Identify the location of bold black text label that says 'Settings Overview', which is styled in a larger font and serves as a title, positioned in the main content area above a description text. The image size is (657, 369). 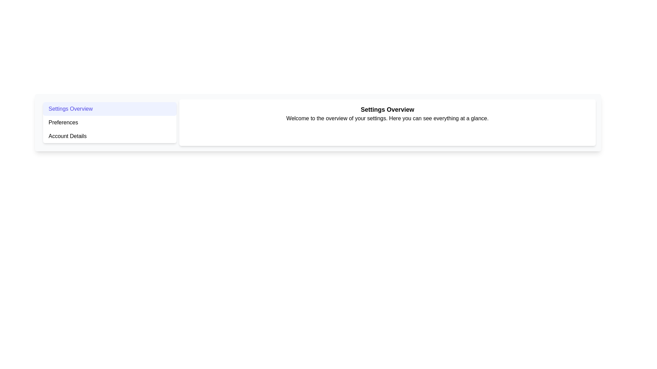
(387, 109).